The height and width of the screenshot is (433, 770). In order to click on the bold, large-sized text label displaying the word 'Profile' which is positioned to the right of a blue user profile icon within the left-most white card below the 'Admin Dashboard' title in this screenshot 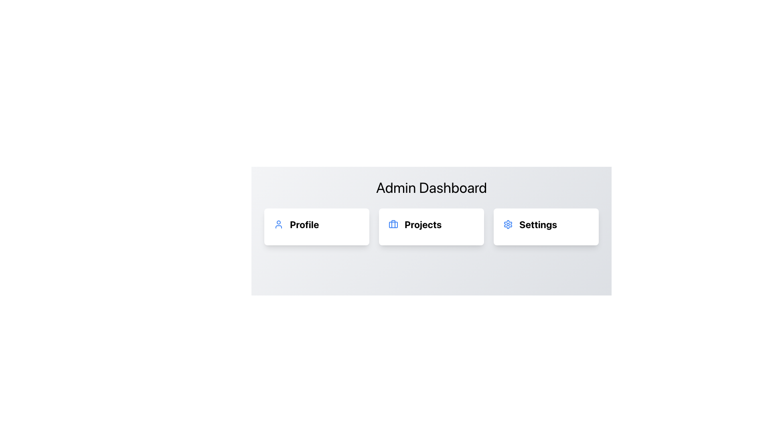, I will do `click(304, 224)`.